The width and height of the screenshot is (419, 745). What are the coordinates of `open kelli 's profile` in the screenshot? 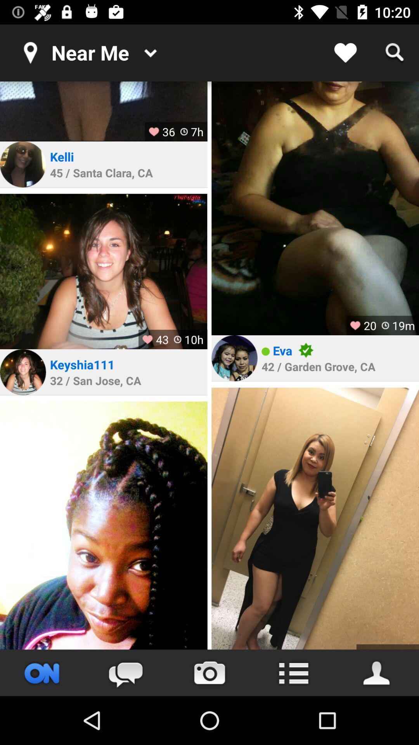 It's located at (23, 164).